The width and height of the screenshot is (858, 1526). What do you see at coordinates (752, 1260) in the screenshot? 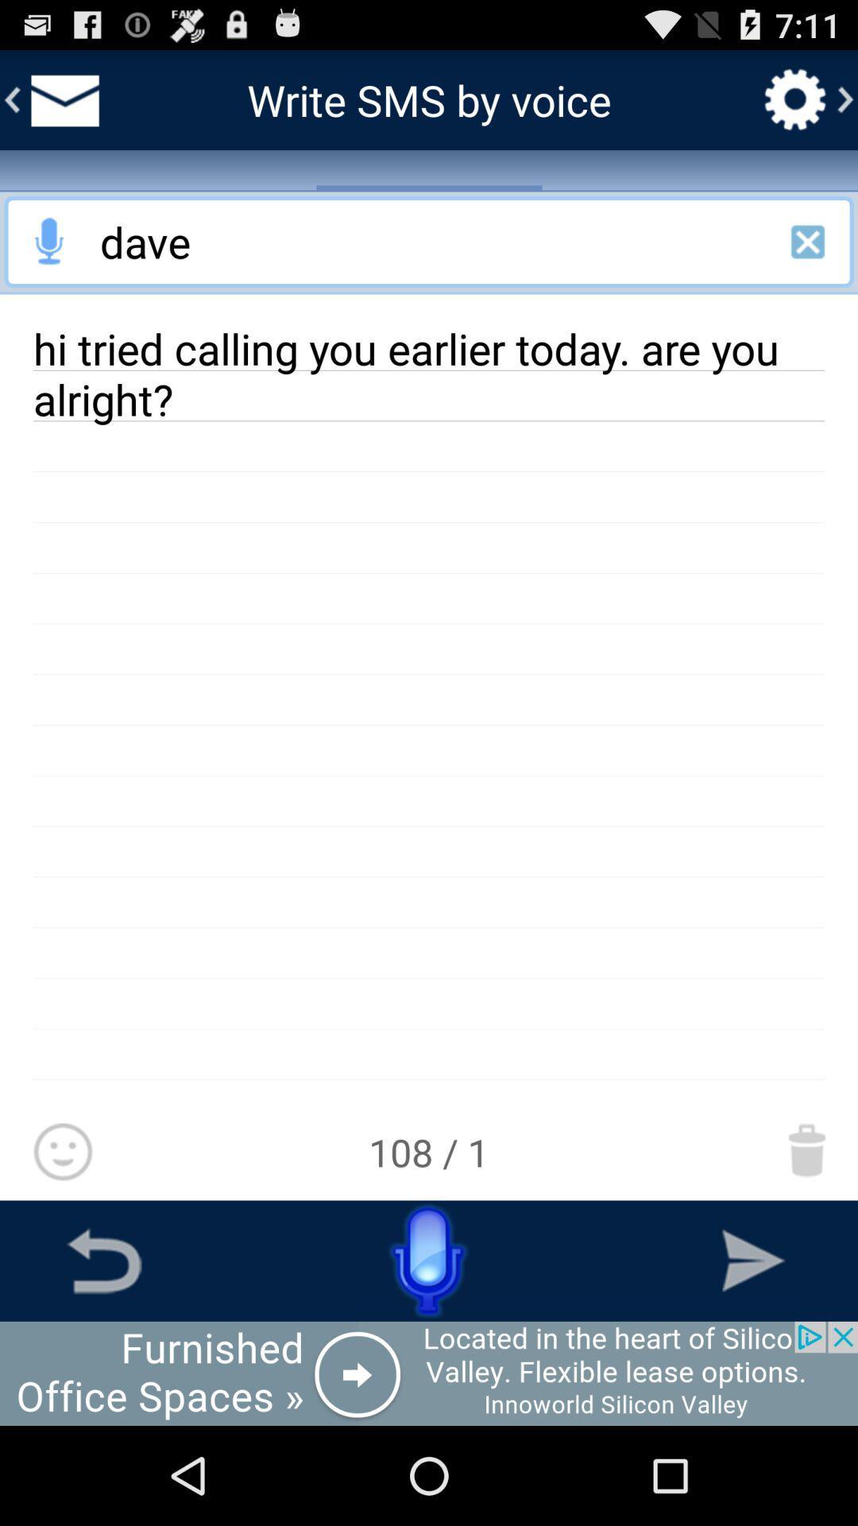
I see `send sms` at bounding box center [752, 1260].